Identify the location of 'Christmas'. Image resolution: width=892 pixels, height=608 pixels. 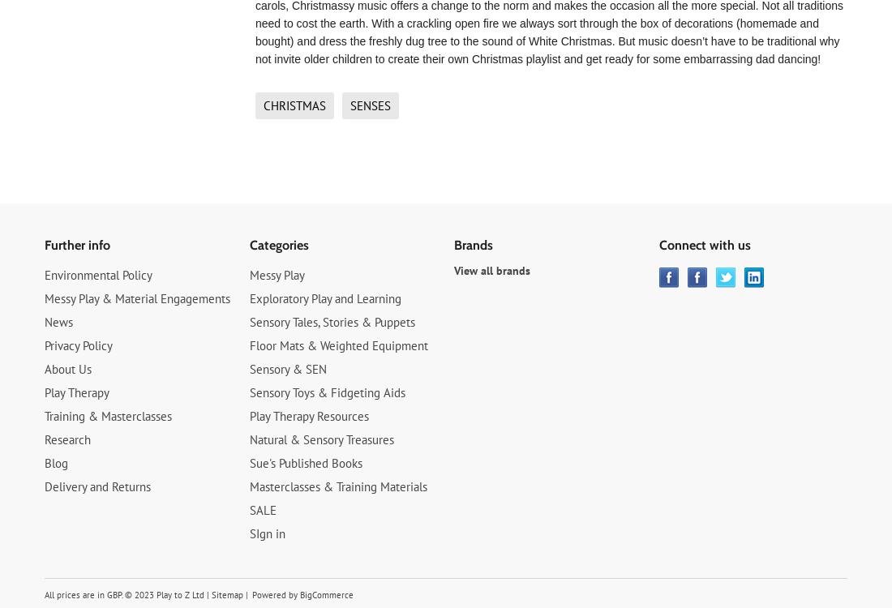
(294, 105).